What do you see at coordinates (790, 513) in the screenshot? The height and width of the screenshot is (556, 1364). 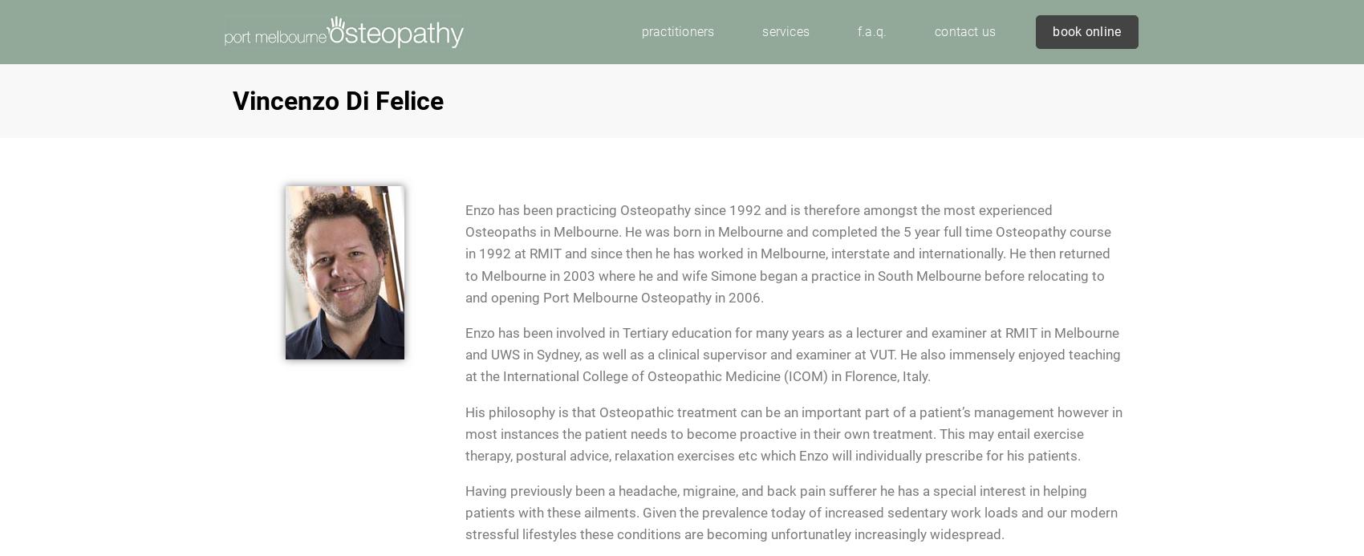 I see `'Having previously been a headache, migraine, and back pain sufferer he has a special interest in helping patients with these ailments. Given the prevalence today of increased sedentary work loads and our modern stressful lifestyles these conditions are becoming unfortunatley increasingly widespread.'` at bounding box center [790, 513].